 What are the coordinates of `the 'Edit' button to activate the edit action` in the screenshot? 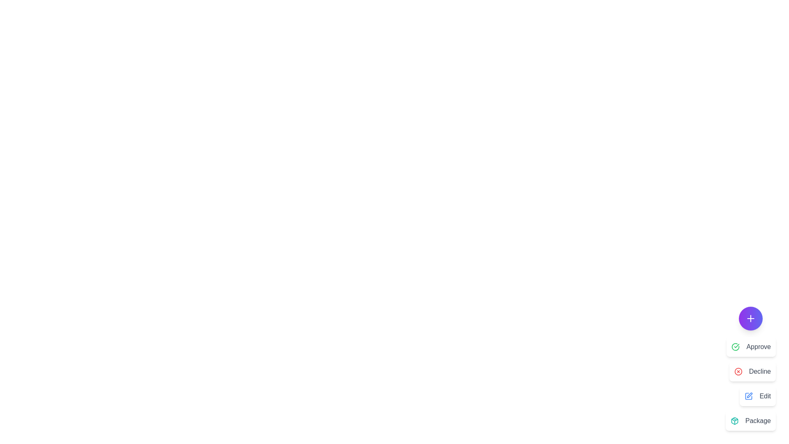 It's located at (757, 396).